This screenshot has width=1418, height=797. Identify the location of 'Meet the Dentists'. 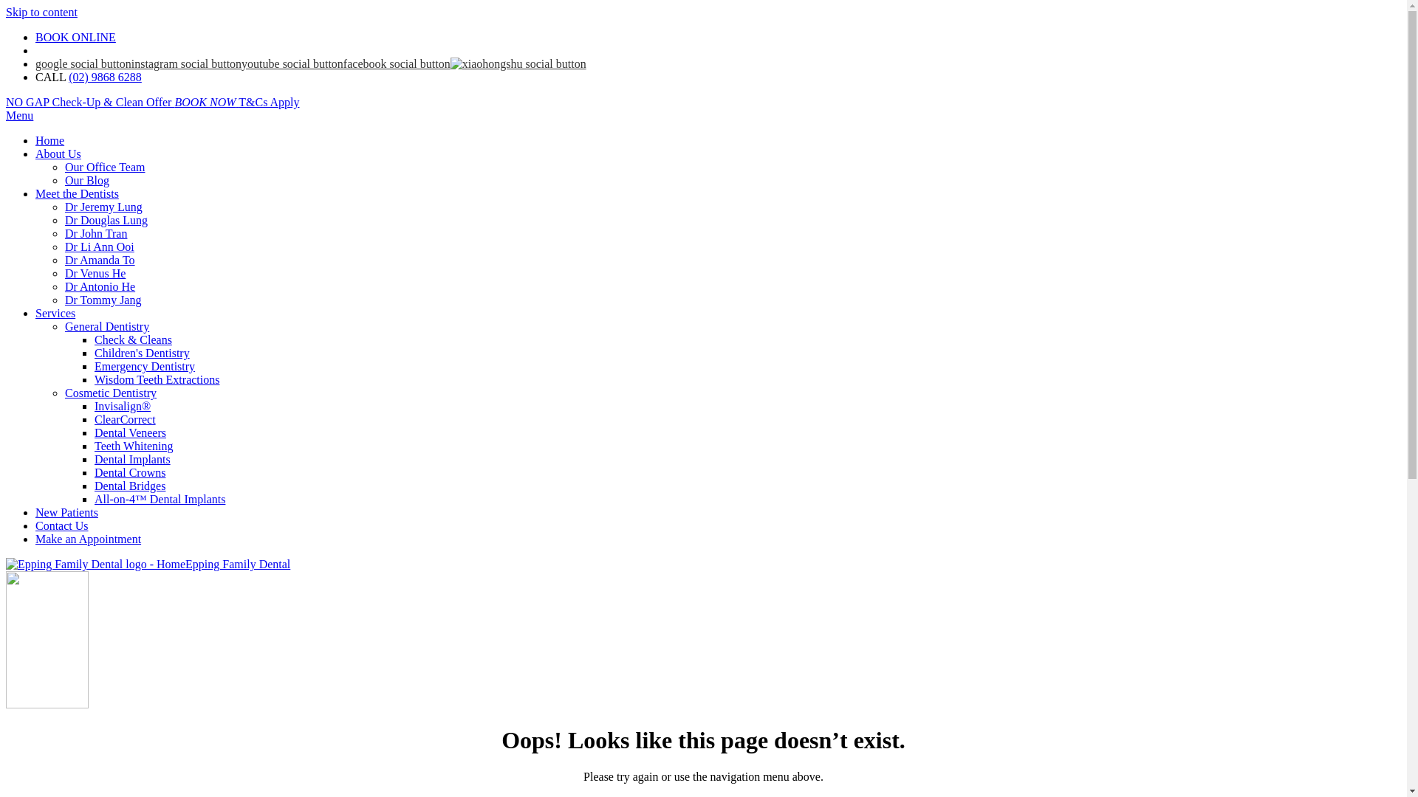
(76, 193).